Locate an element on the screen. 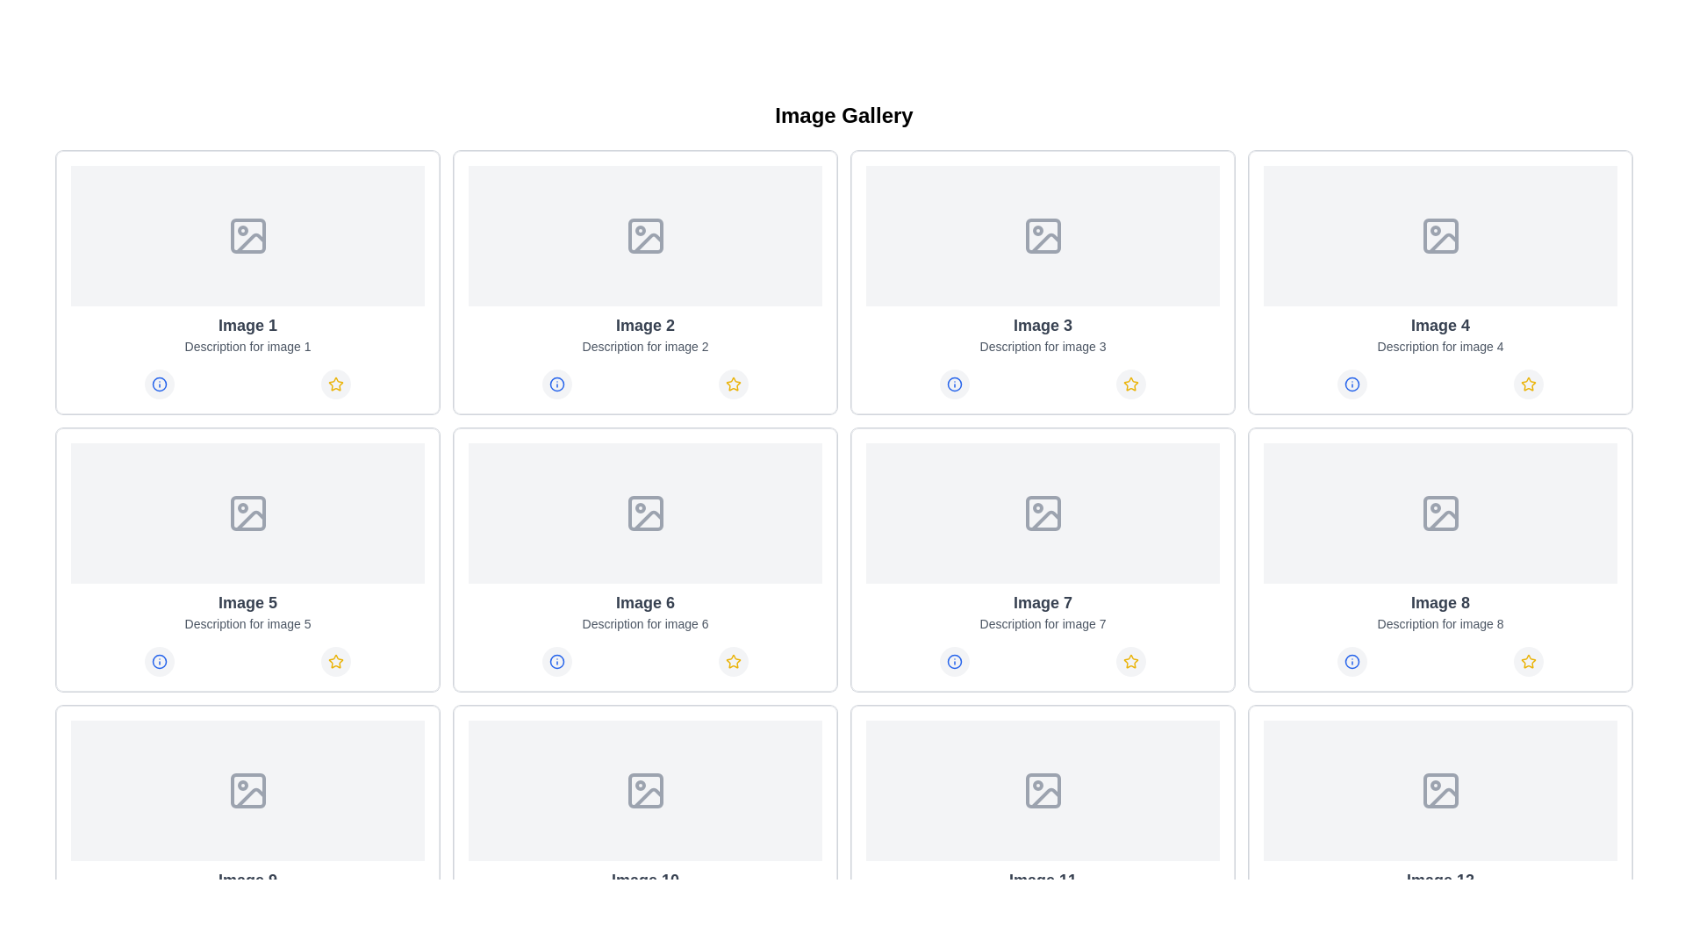 Image resolution: width=1685 pixels, height=948 pixels. the small circular blue icon located in the lower-right corner of the card labeled 'Image 8' is located at coordinates (1351, 661).